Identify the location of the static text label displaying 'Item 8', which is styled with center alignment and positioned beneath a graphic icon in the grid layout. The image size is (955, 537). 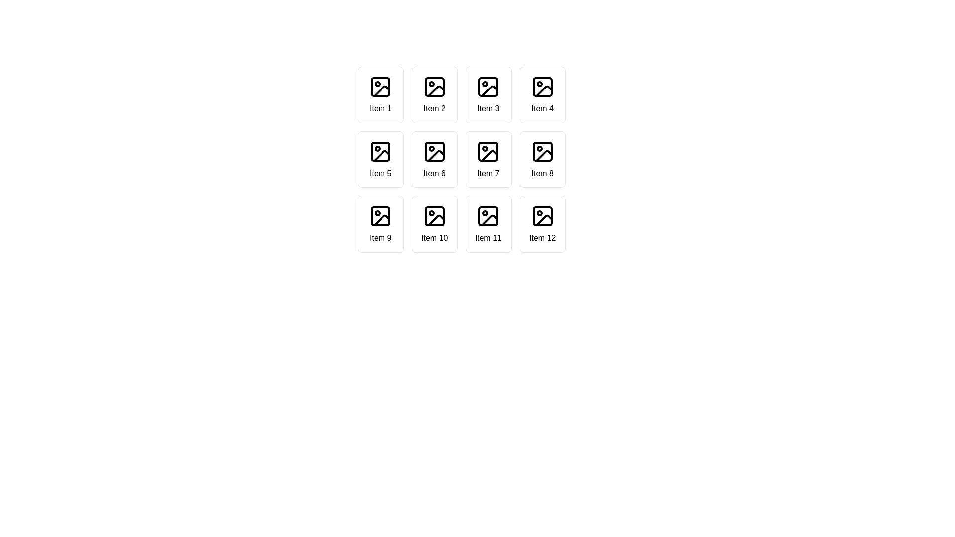
(542, 173).